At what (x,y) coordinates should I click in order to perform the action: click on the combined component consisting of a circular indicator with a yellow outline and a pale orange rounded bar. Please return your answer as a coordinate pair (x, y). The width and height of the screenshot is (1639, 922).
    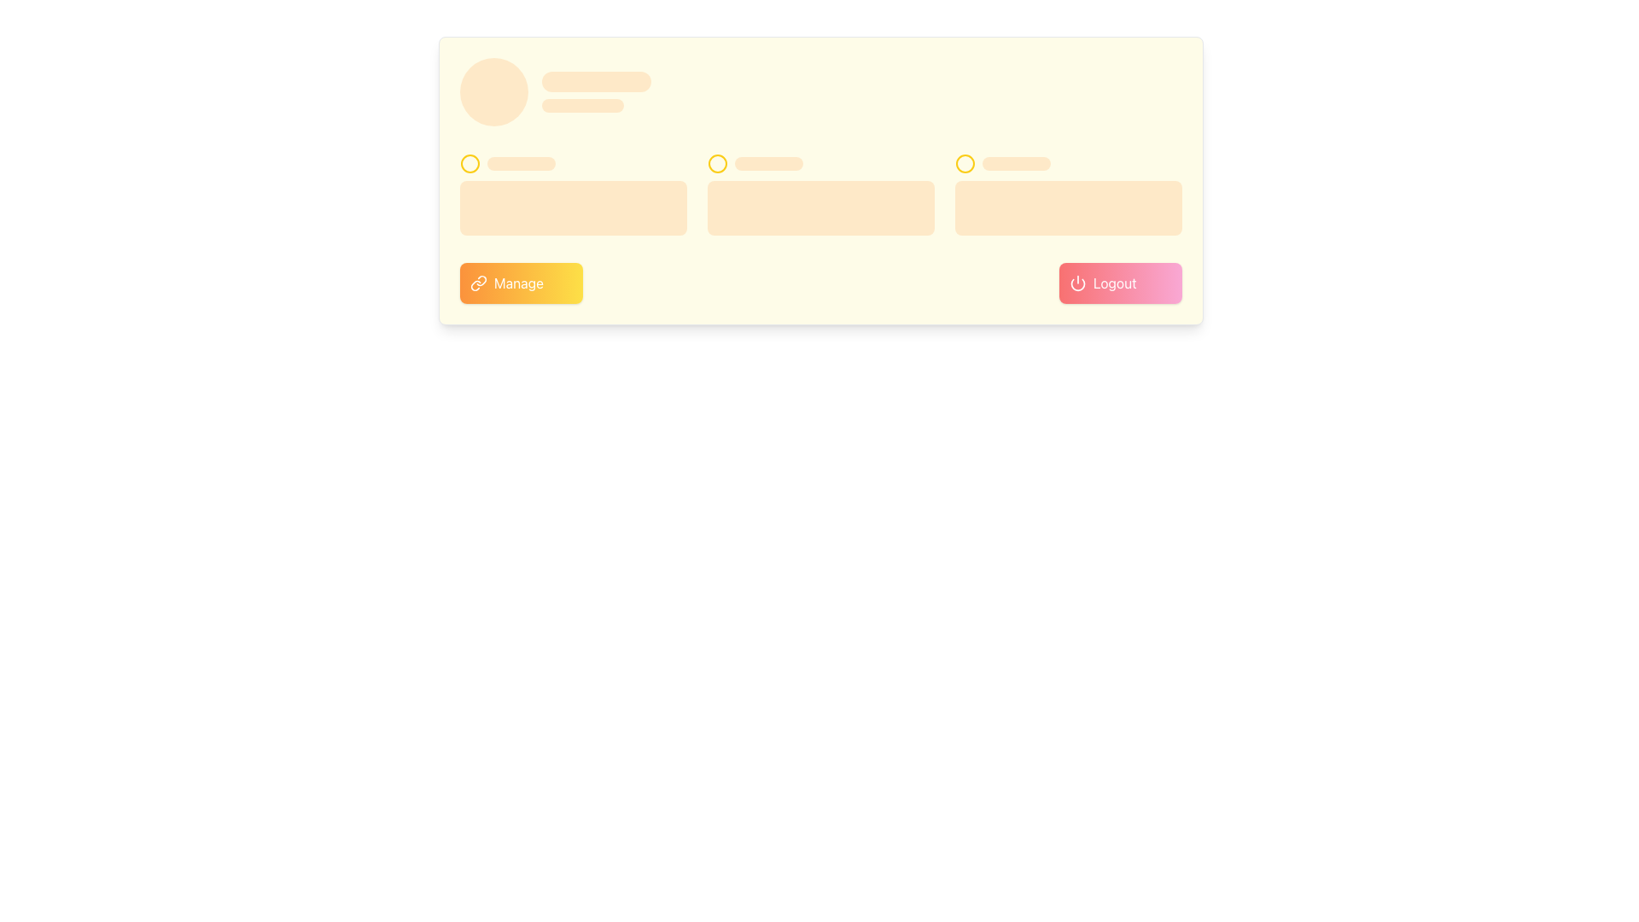
    Looking at the image, I should click on (1068, 164).